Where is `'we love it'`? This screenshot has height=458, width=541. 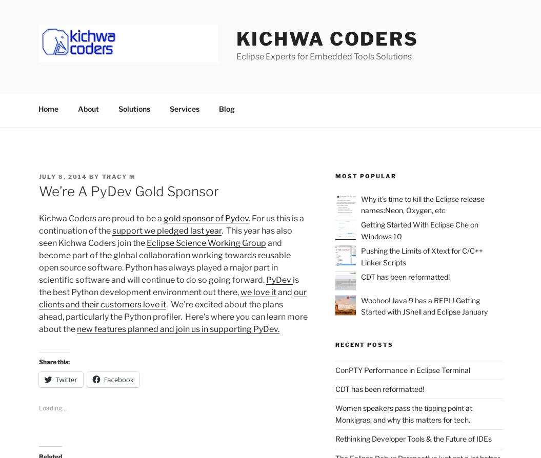 'we love it' is located at coordinates (239, 292).